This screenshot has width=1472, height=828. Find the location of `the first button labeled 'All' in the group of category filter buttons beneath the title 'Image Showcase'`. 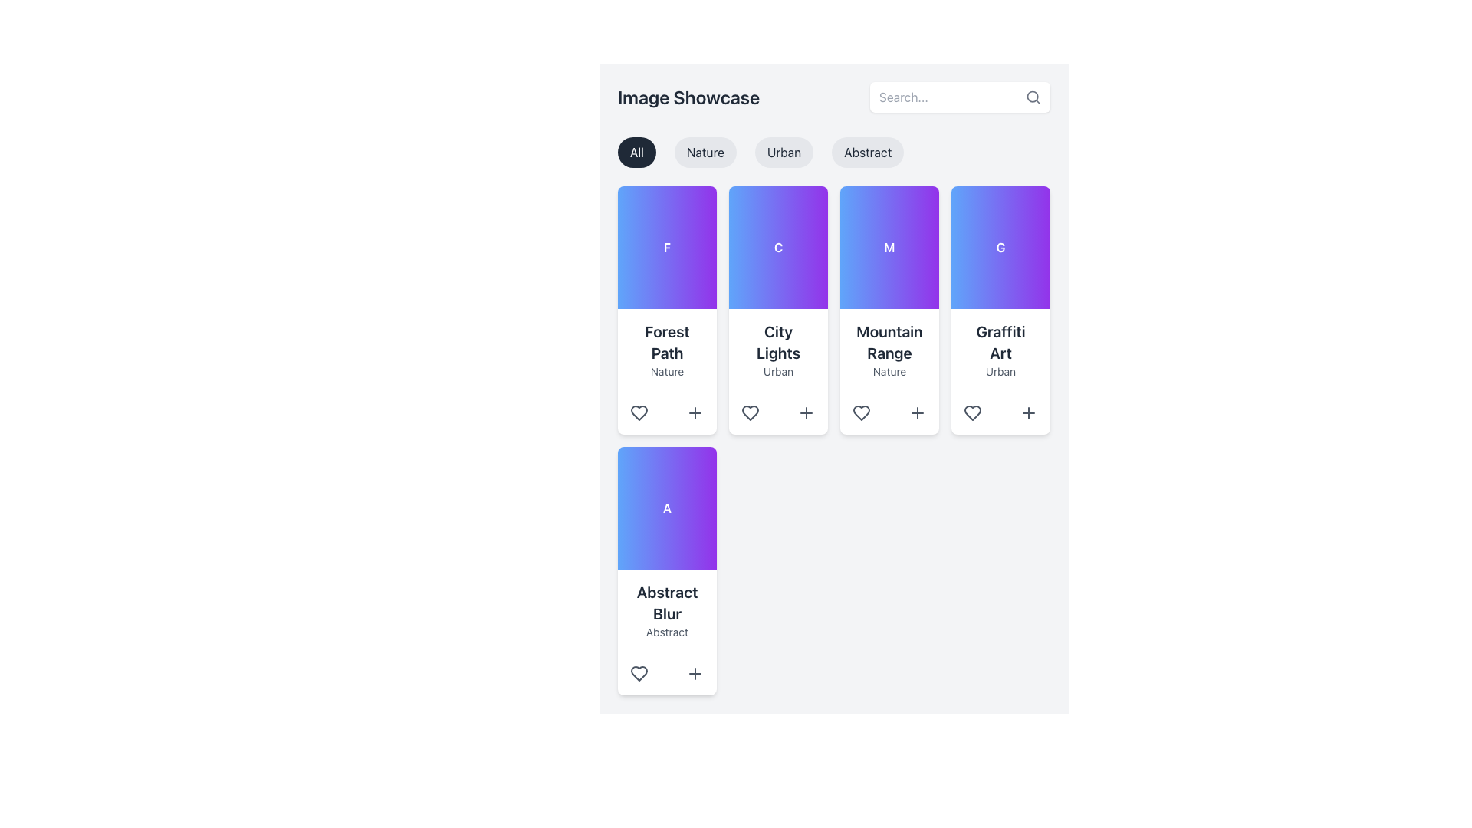

the first button labeled 'All' in the group of category filter buttons beneath the title 'Image Showcase' is located at coordinates (636, 153).